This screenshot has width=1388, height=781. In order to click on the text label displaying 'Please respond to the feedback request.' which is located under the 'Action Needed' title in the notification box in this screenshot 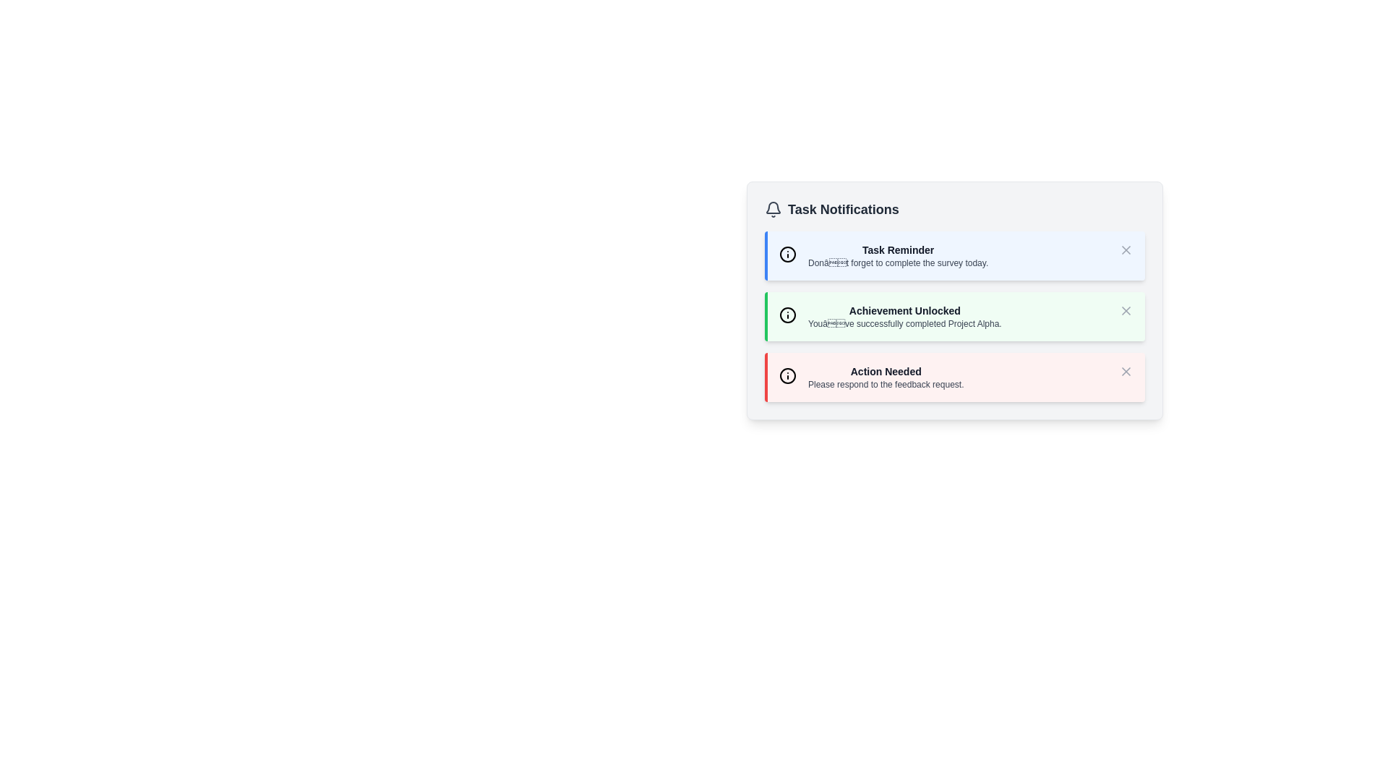, I will do `click(885, 384)`.